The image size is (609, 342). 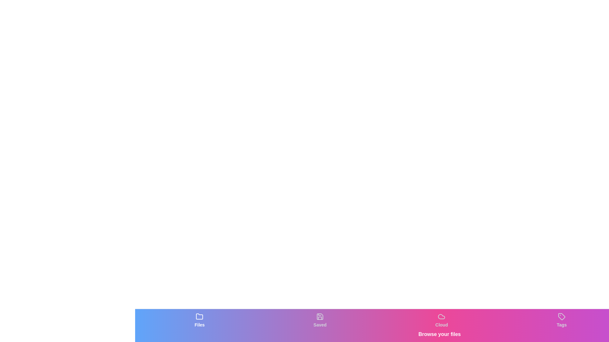 What do you see at coordinates (562, 320) in the screenshot?
I see `the tab labeled Tags to observe visual feedback` at bounding box center [562, 320].